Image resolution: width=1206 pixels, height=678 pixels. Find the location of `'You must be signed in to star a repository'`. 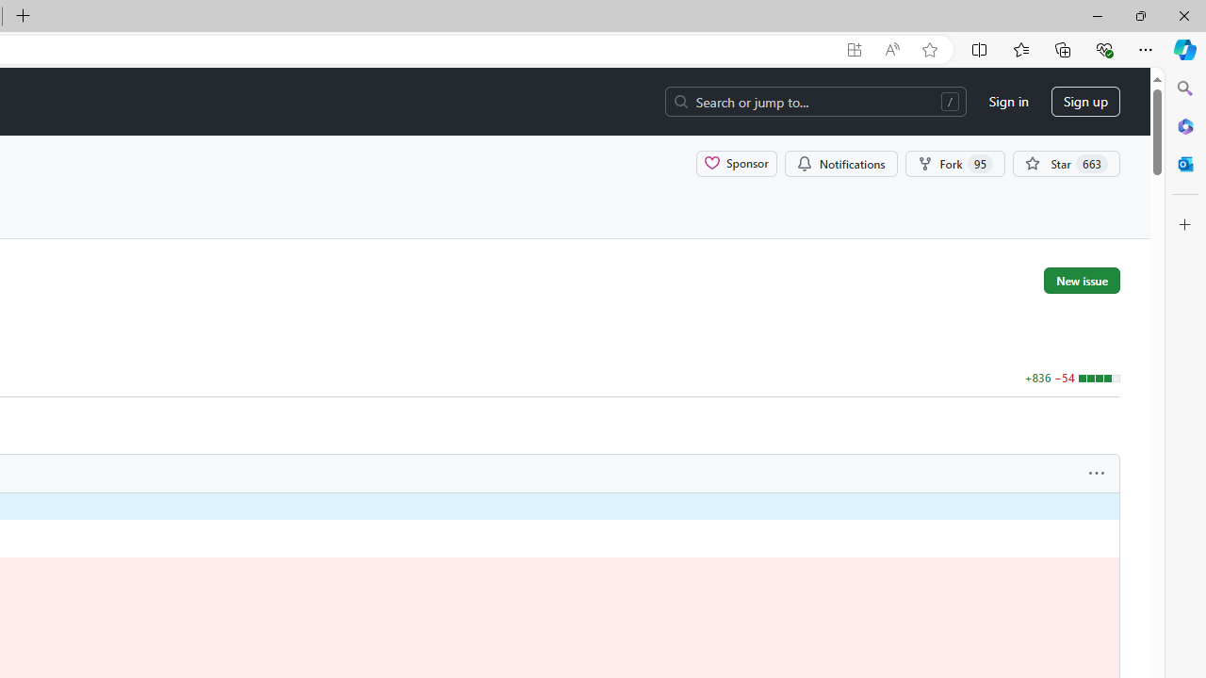

'You must be signed in to star a repository' is located at coordinates (1067, 162).